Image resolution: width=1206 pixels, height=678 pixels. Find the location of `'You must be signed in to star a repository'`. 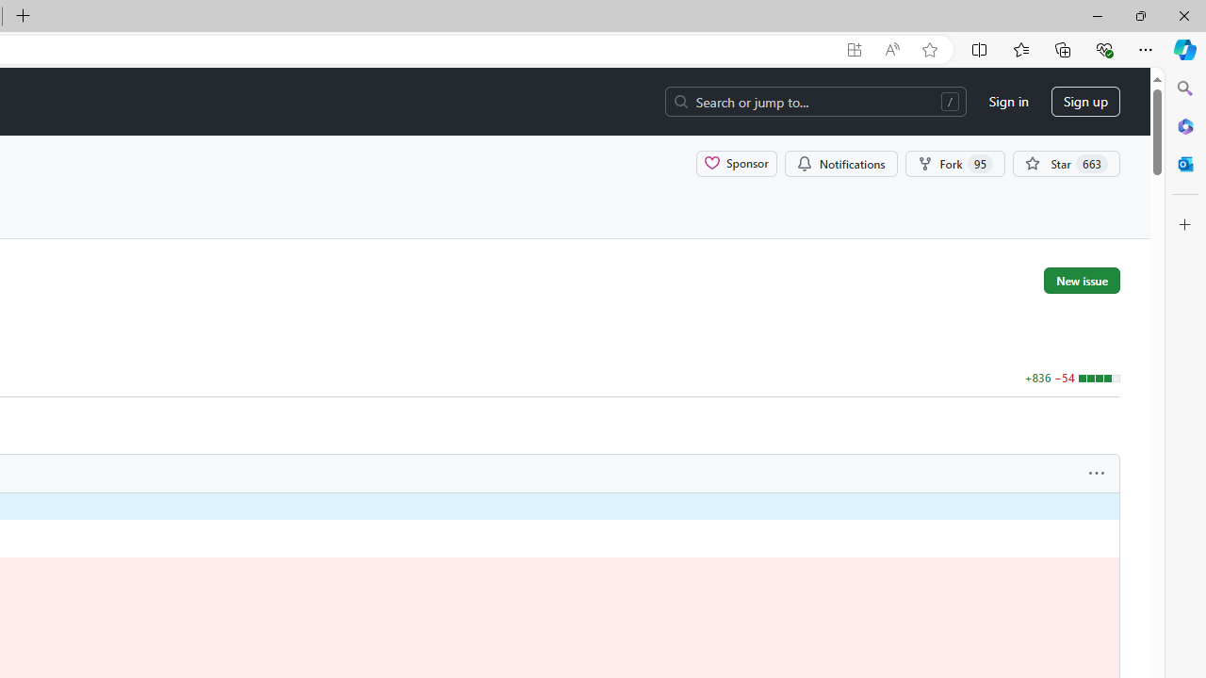

'You must be signed in to star a repository' is located at coordinates (1067, 162).